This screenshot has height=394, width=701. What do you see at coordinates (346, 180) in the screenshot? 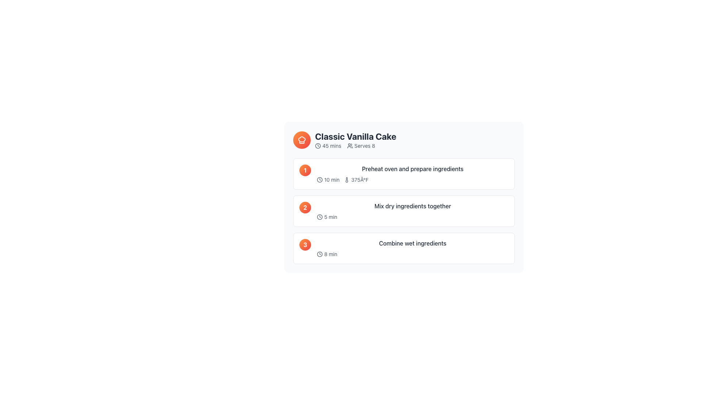
I see `the thermometer icon in the first step block of the recipe interface, which is associated with 'Preheat oven and prepare ingredients'` at bounding box center [346, 180].